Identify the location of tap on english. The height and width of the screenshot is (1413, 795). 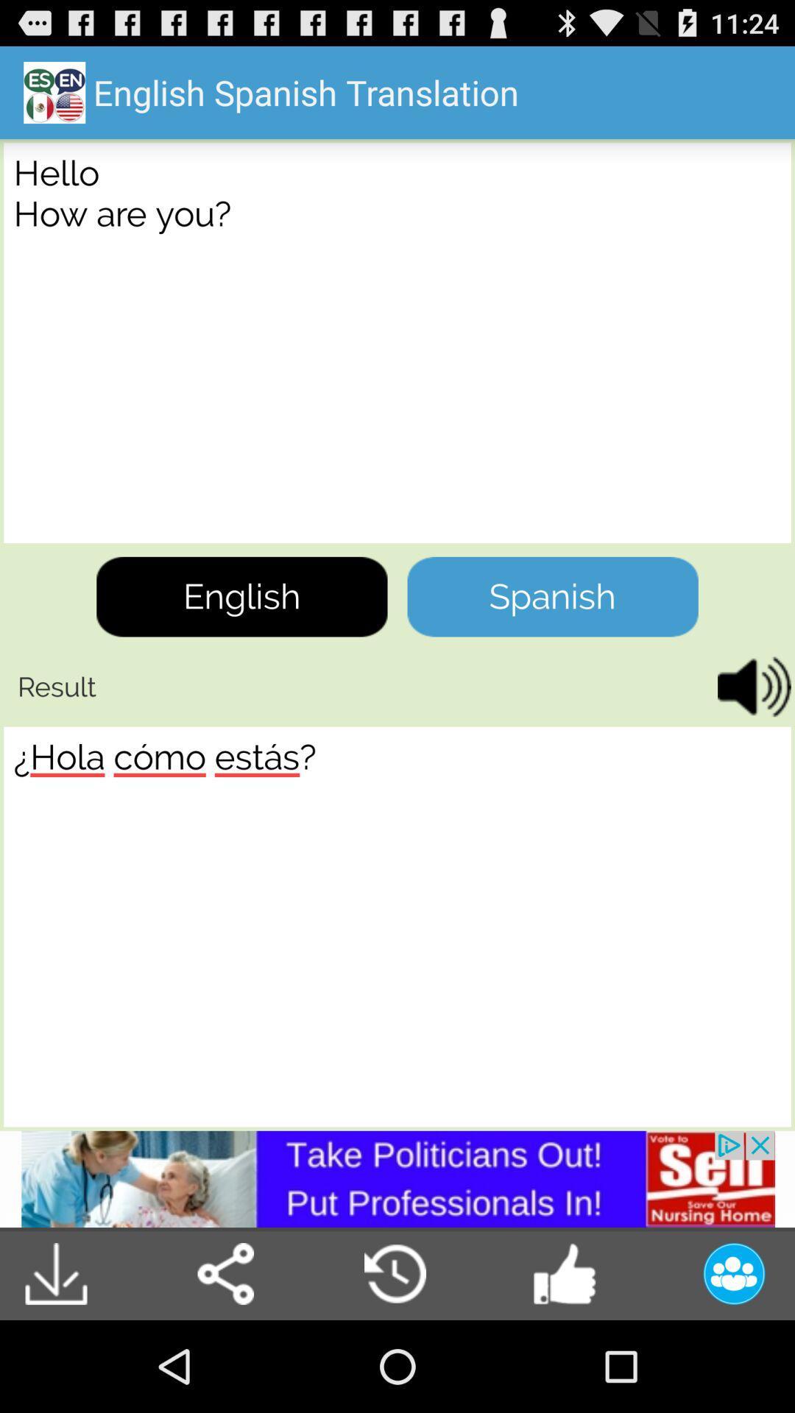
(241, 597).